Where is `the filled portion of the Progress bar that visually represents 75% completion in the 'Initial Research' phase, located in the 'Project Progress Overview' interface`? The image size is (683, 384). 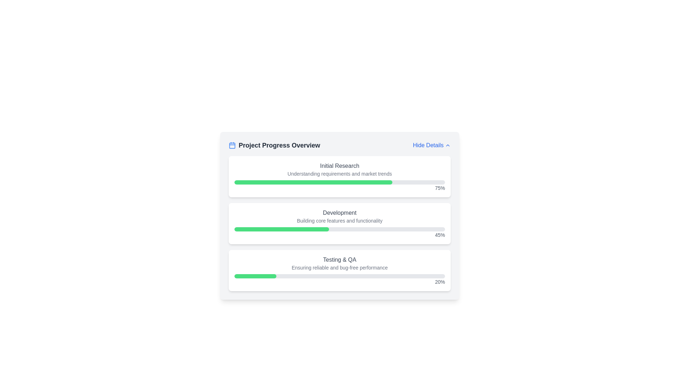
the filled portion of the Progress bar that visually represents 75% completion in the 'Initial Research' phase, located in the 'Project Progress Overview' interface is located at coordinates (313, 182).